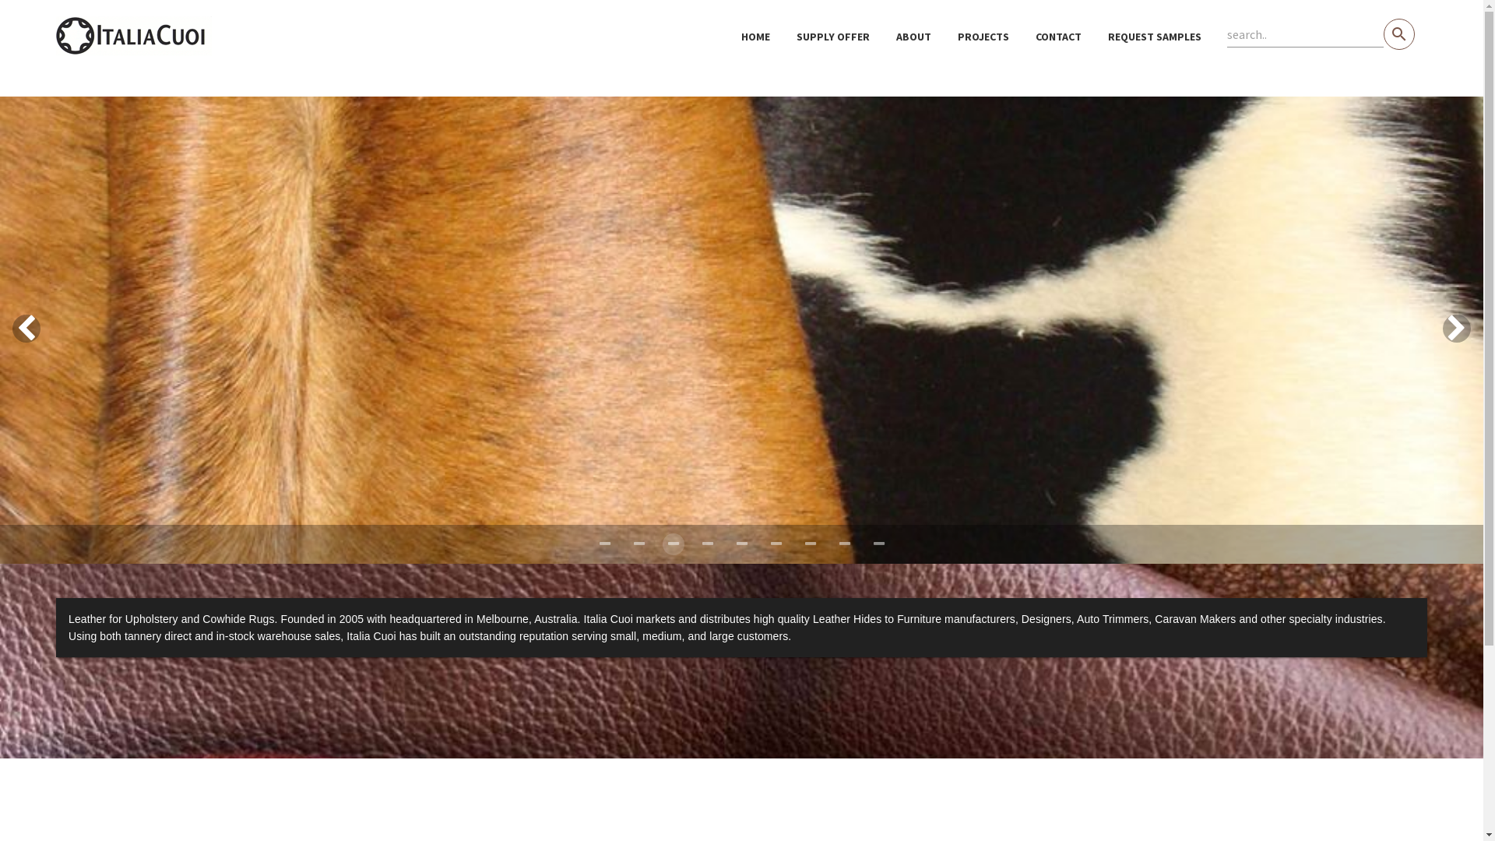 The image size is (1495, 841). I want to click on '0', so click(603, 543).